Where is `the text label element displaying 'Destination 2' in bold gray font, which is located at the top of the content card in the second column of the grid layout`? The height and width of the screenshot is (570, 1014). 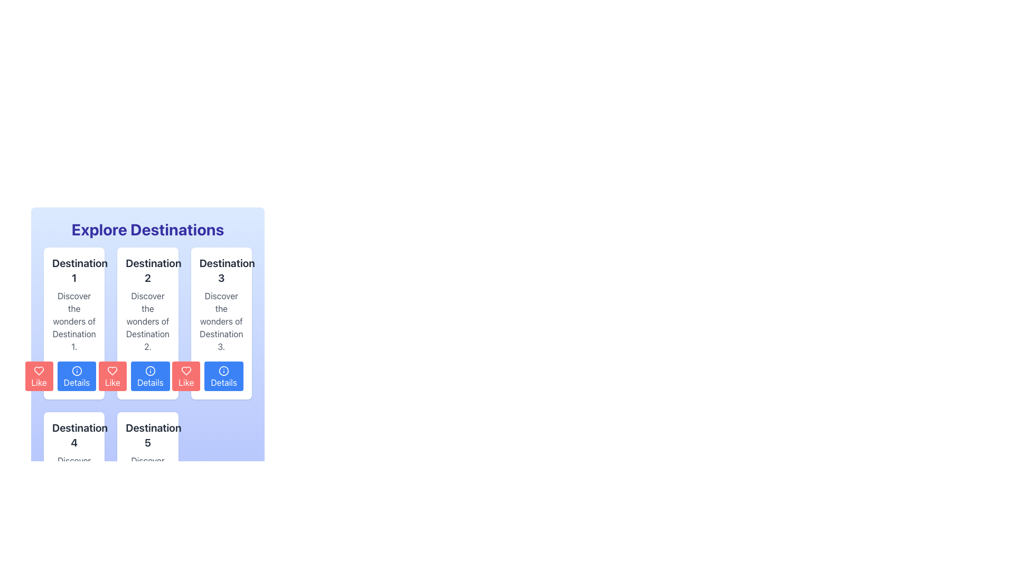
the text label element displaying 'Destination 2' in bold gray font, which is located at the top of the content card in the second column of the grid layout is located at coordinates (147, 270).